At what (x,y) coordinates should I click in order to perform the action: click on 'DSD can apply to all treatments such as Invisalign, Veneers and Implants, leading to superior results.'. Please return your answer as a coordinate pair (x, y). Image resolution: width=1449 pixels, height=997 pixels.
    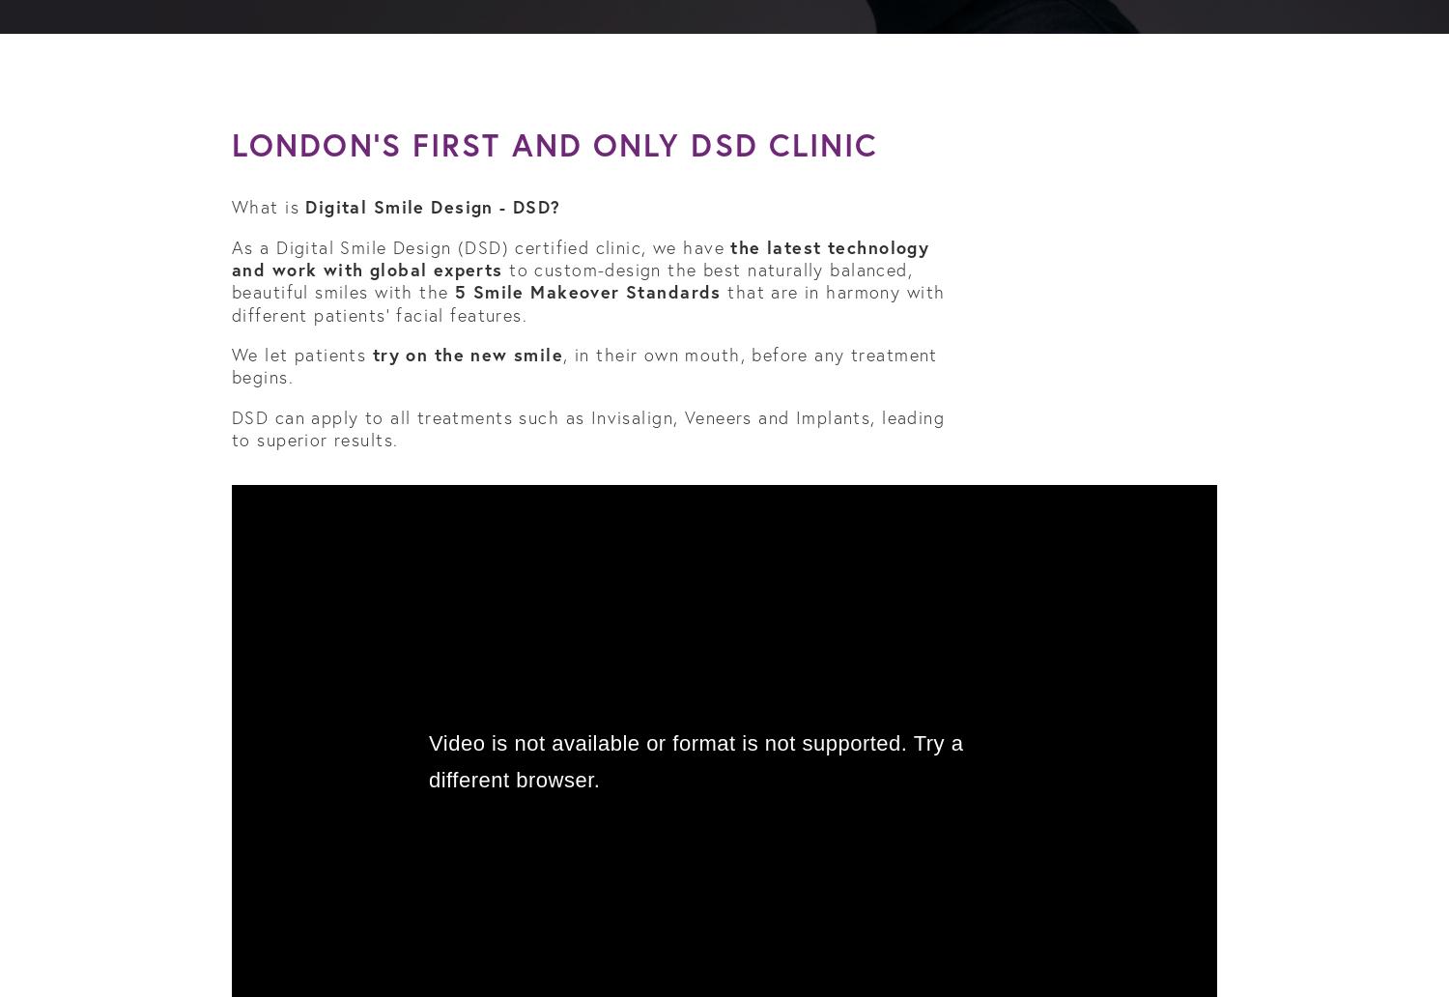
    Looking at the image, I should click on (590, 427).